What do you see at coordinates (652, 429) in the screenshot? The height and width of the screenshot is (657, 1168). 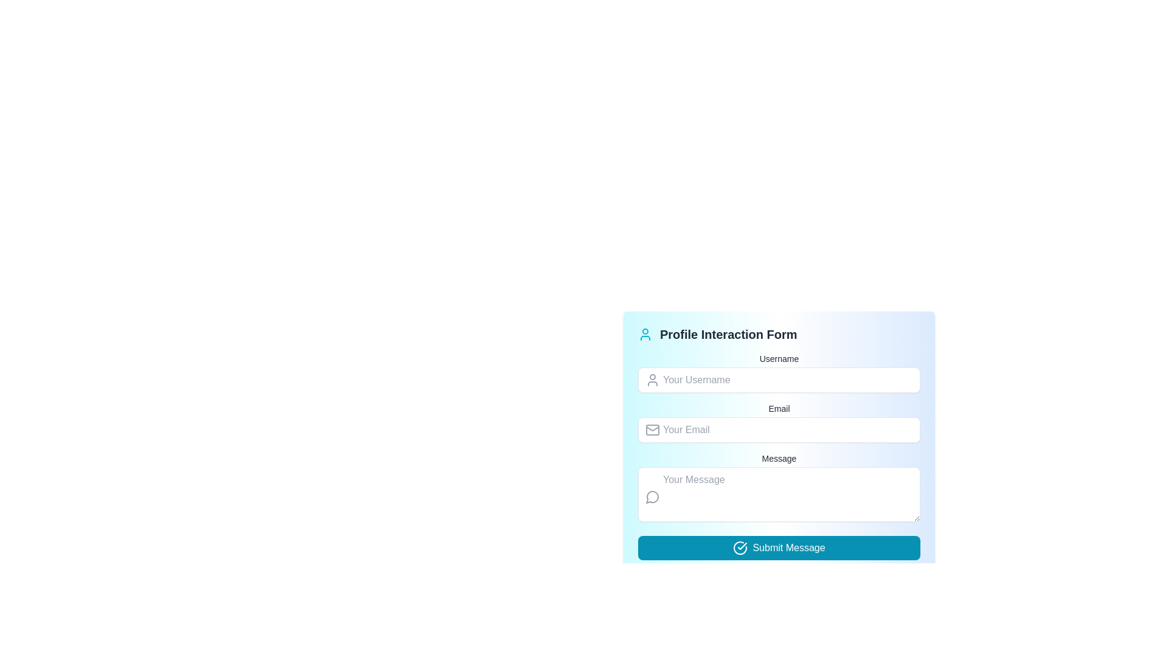 I see `the email input field icon, which is positioned to the left of the email text entry area, serving as a visual indication for the expected input format` at bounding box center [652, 429].